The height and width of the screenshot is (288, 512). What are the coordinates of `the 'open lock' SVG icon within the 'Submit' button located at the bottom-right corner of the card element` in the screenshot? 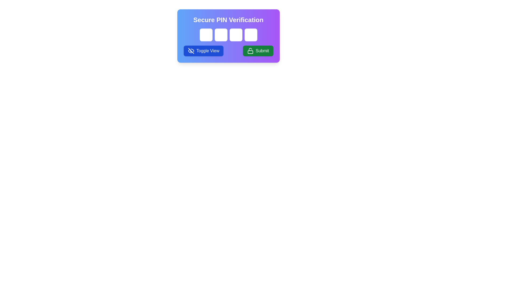 It's located at (250, 52).